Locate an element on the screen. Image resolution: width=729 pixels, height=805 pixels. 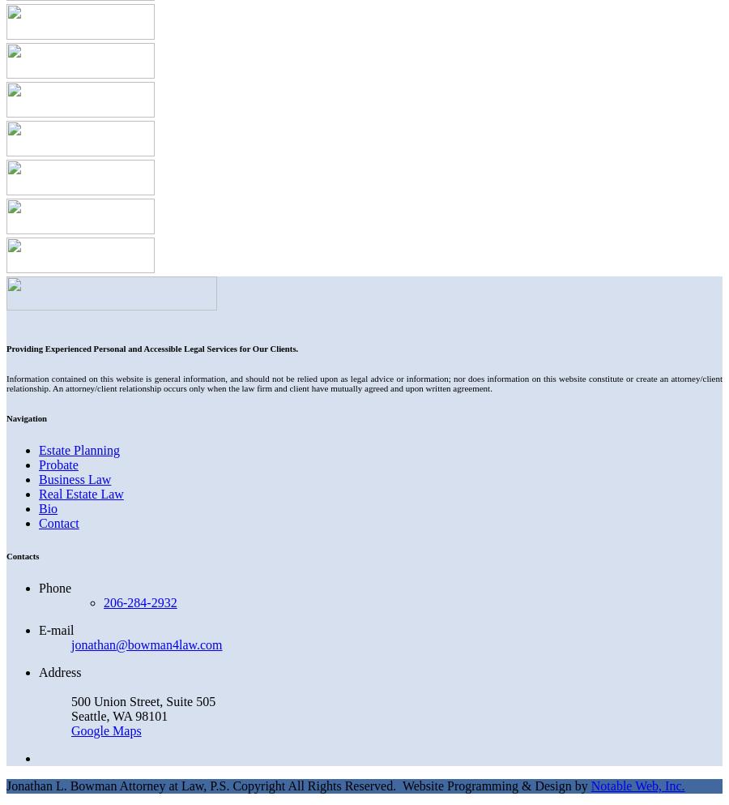
'Google Maps' is located at coordinates (106, 730).